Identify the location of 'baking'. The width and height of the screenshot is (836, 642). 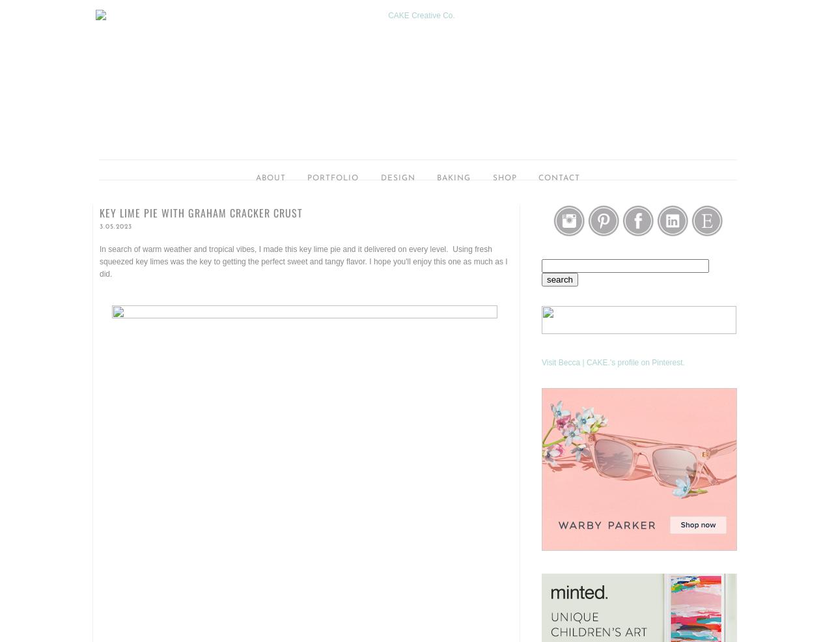
(453, 178).